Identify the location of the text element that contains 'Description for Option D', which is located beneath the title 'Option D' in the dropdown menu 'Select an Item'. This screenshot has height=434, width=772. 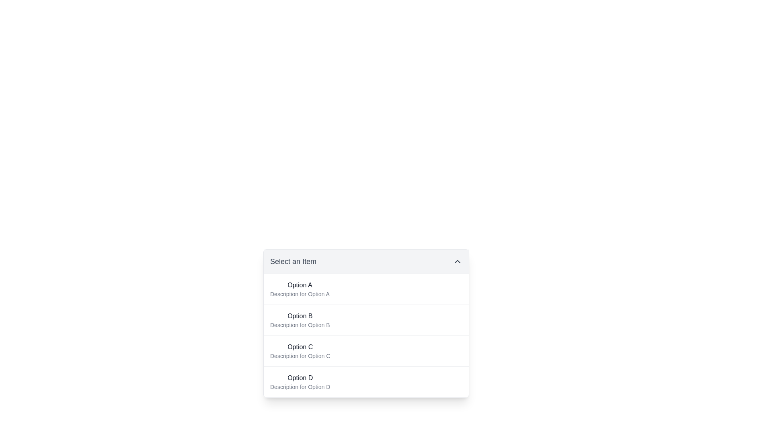
(300, 387).